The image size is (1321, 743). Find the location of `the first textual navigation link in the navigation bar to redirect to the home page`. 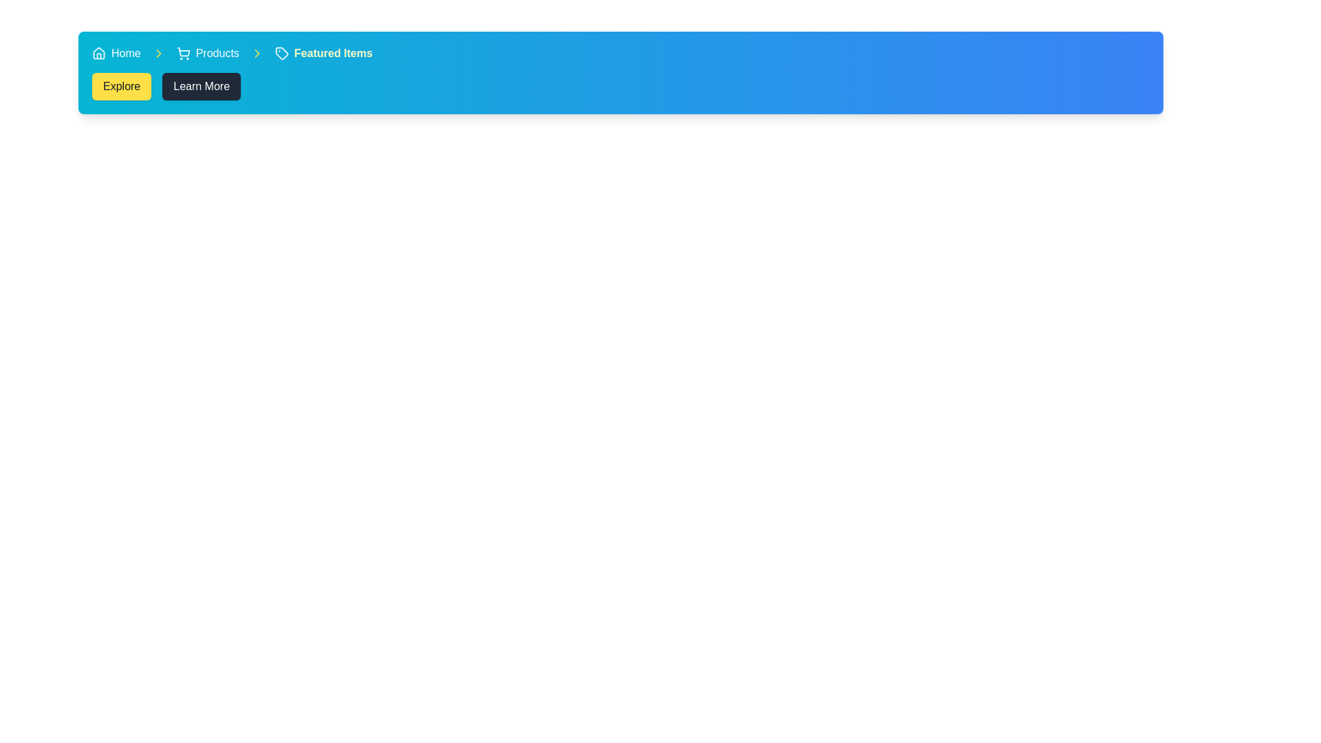

the first textual navigation link in the navigation bar to redirect to the home page is located at coordinates (126, 52).